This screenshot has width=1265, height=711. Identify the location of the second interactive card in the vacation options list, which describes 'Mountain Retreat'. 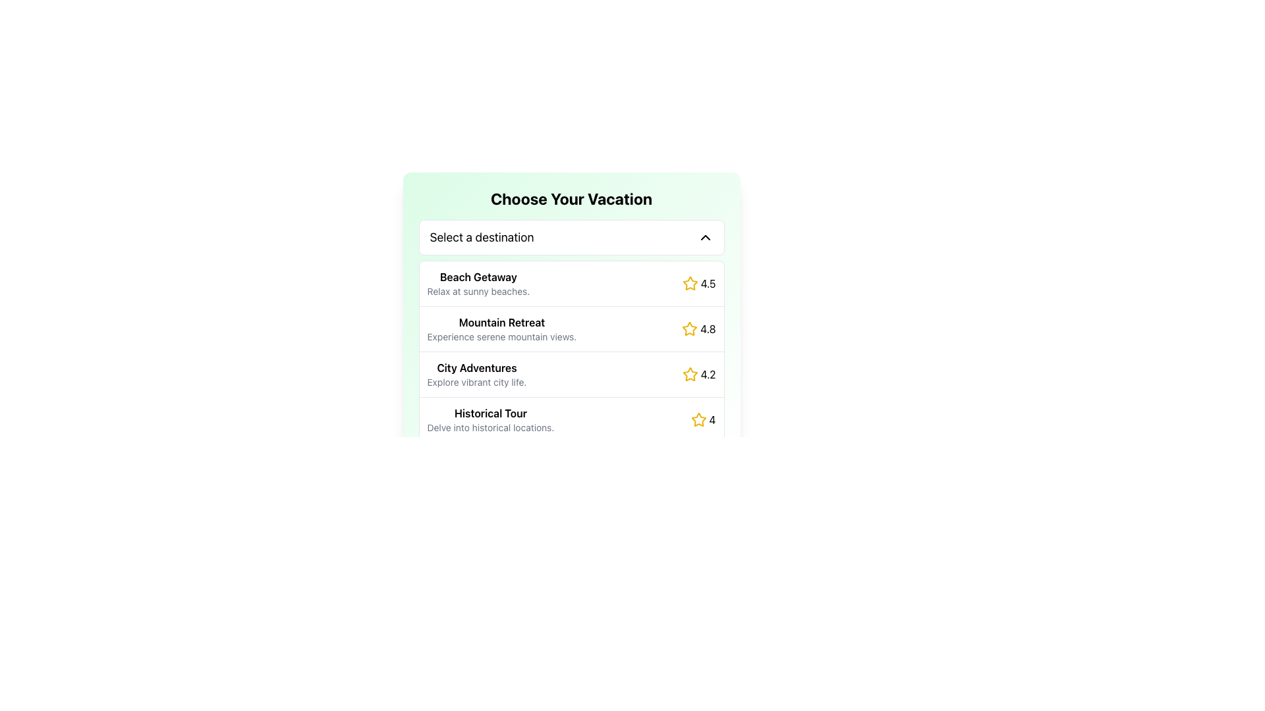
(571, 315).